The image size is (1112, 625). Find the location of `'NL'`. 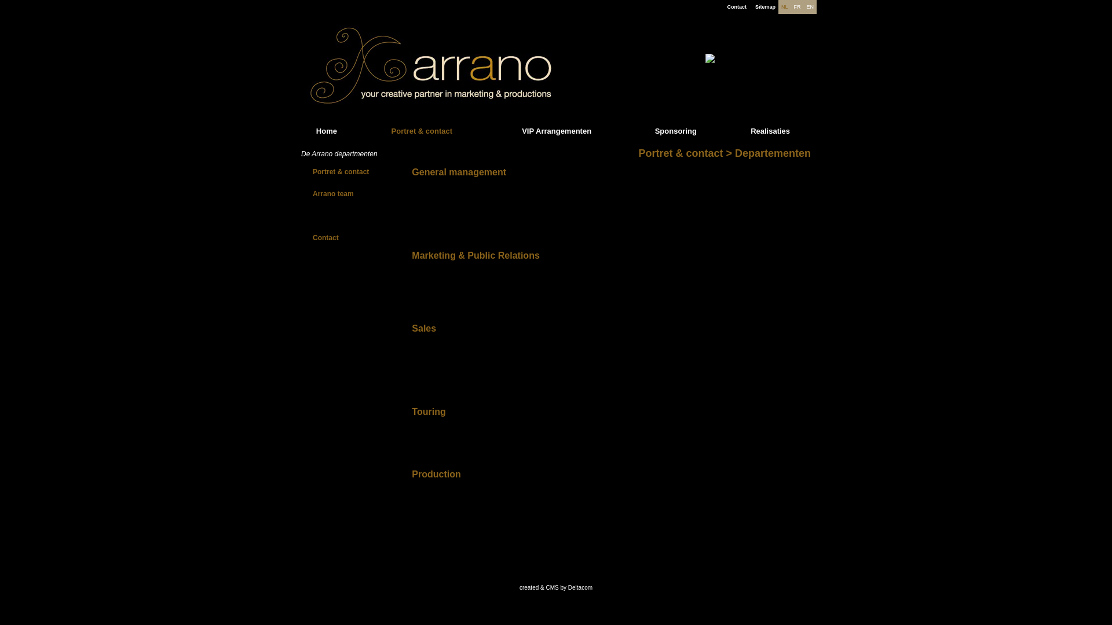

'NL' is located at coordinates (781, 6).